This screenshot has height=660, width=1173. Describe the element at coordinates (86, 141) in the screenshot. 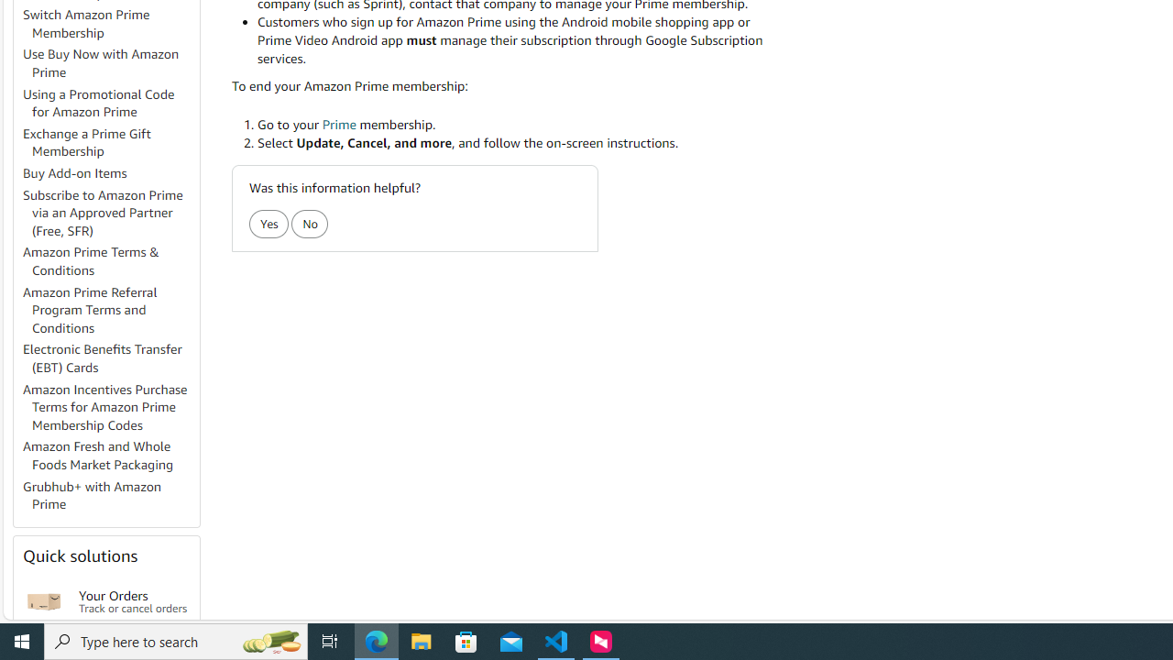

I see `'Exchange a Prime Gift Membership'` at that location.